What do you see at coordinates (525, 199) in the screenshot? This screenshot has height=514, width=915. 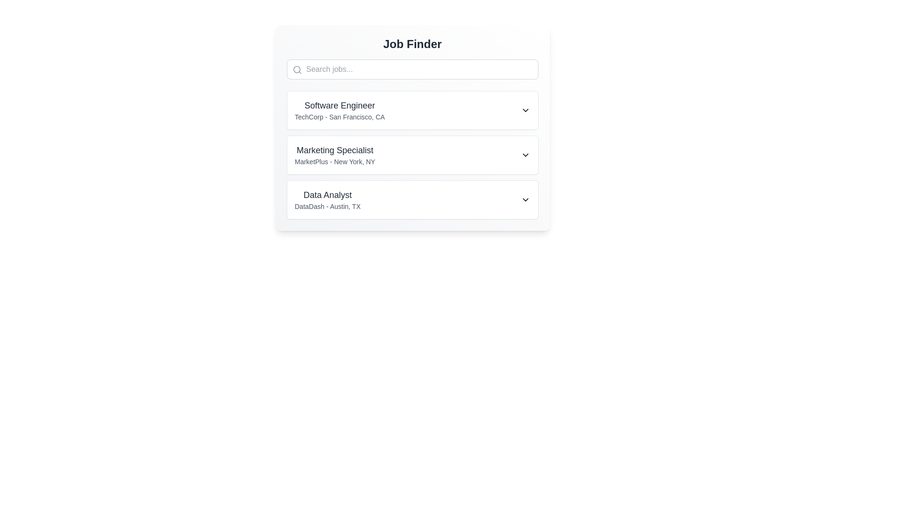 I see `the chevron icon located to the far right of the 'Data Analyst' listing` at bounding box center [525, 199].